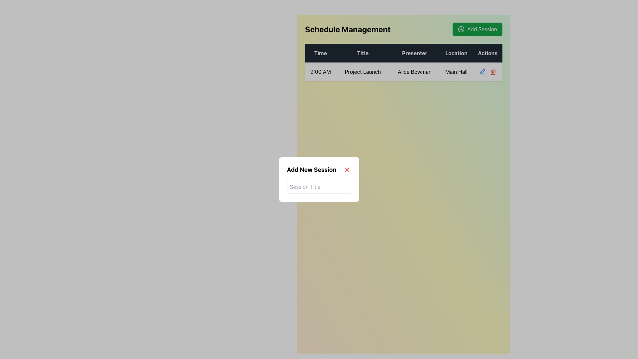 The image size is (638, 359). Describe the element at coordinates (482, 72) in the screenshot. I see `the blue pen icon button representing edit functionality located in the top-right section of the page, associated with 'Project Launch'` at that location.